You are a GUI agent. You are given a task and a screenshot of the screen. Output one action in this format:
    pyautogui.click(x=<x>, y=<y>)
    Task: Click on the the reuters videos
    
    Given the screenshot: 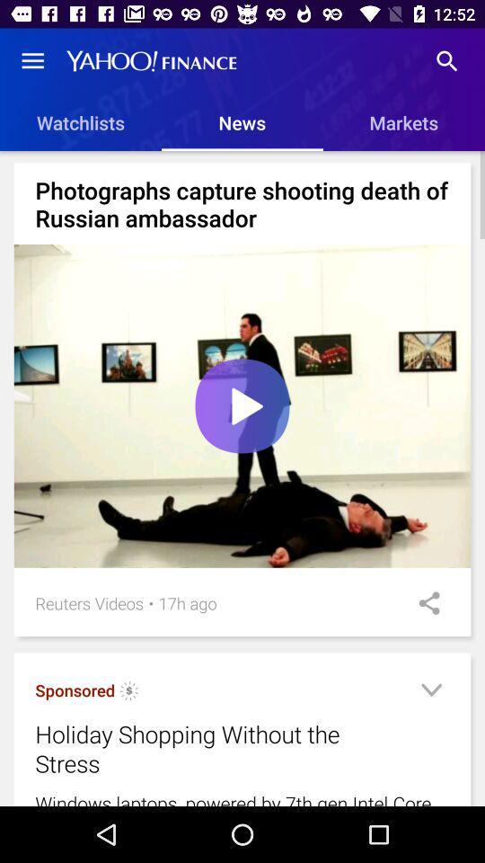 What is the action you would take?
    pyautogui.click(x=88, y=603)
    